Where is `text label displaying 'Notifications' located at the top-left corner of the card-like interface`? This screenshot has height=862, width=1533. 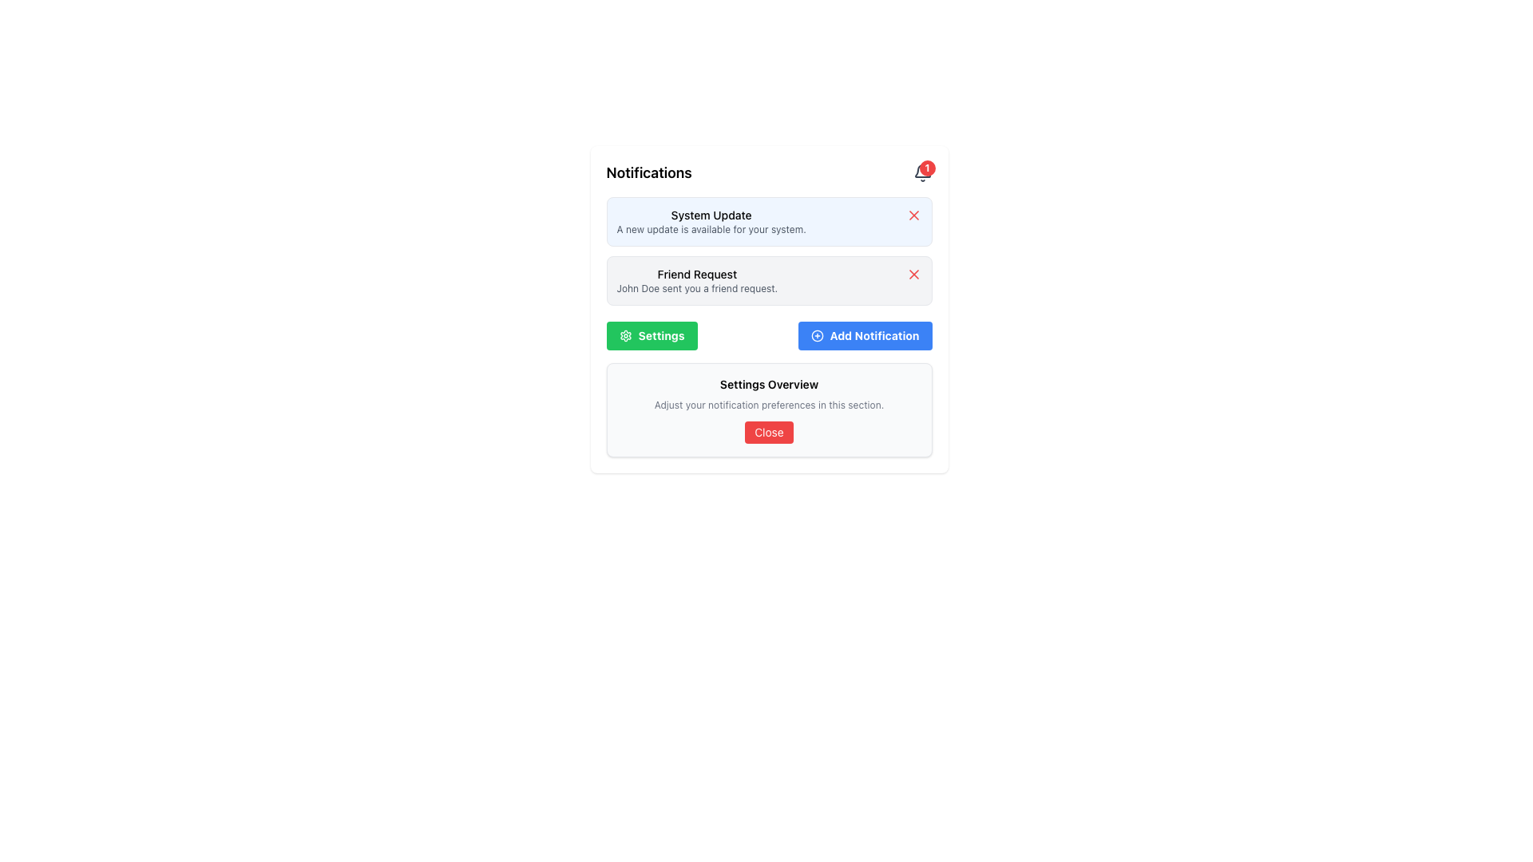 text label displaying 'Notifications' located at the top-left corner of the card-like interface is located at coordinates (649, 172).